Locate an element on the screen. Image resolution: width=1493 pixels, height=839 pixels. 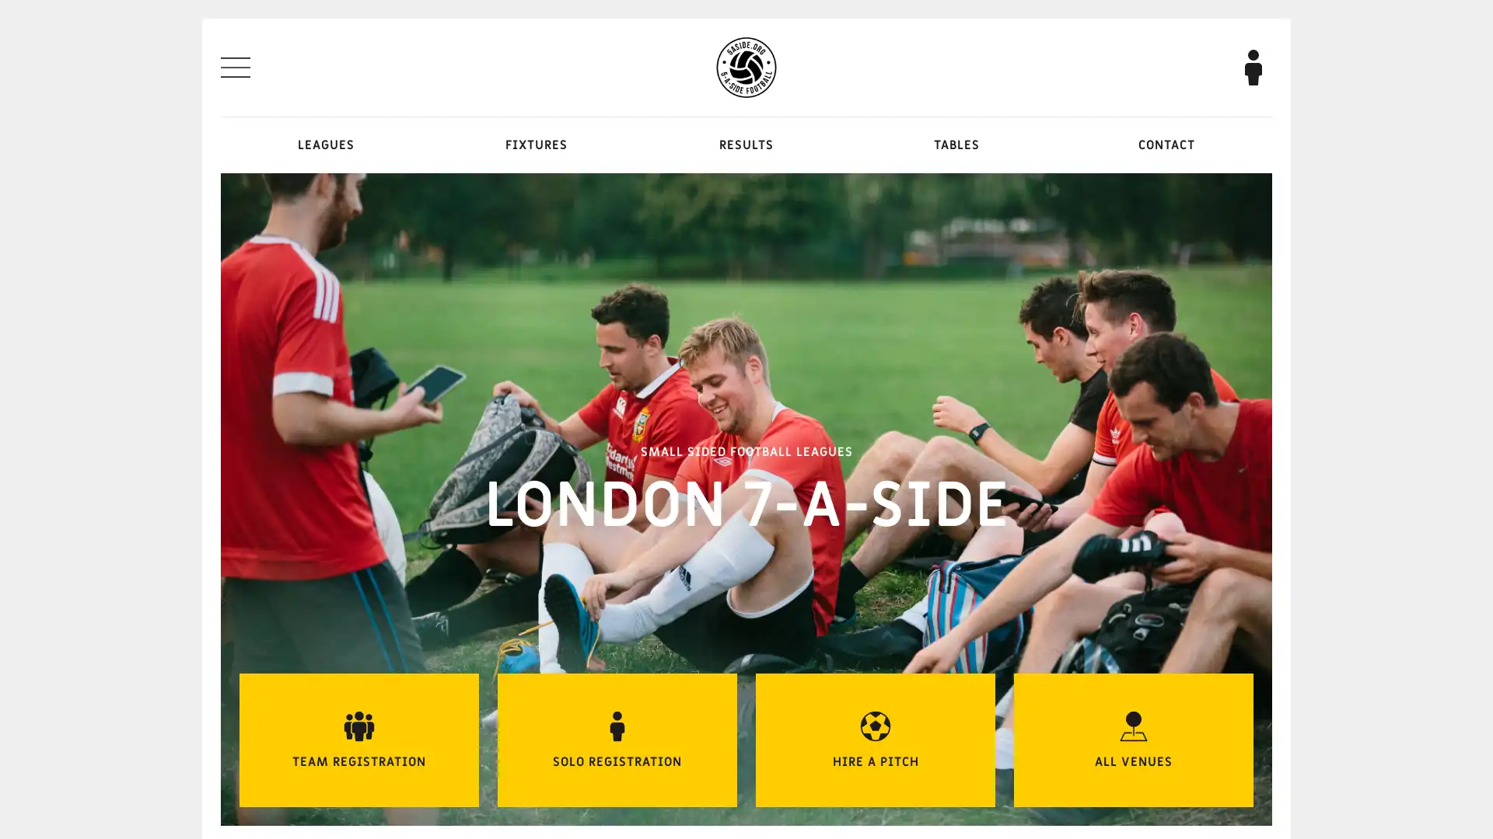
Previous is located at coordinates (208, 500).